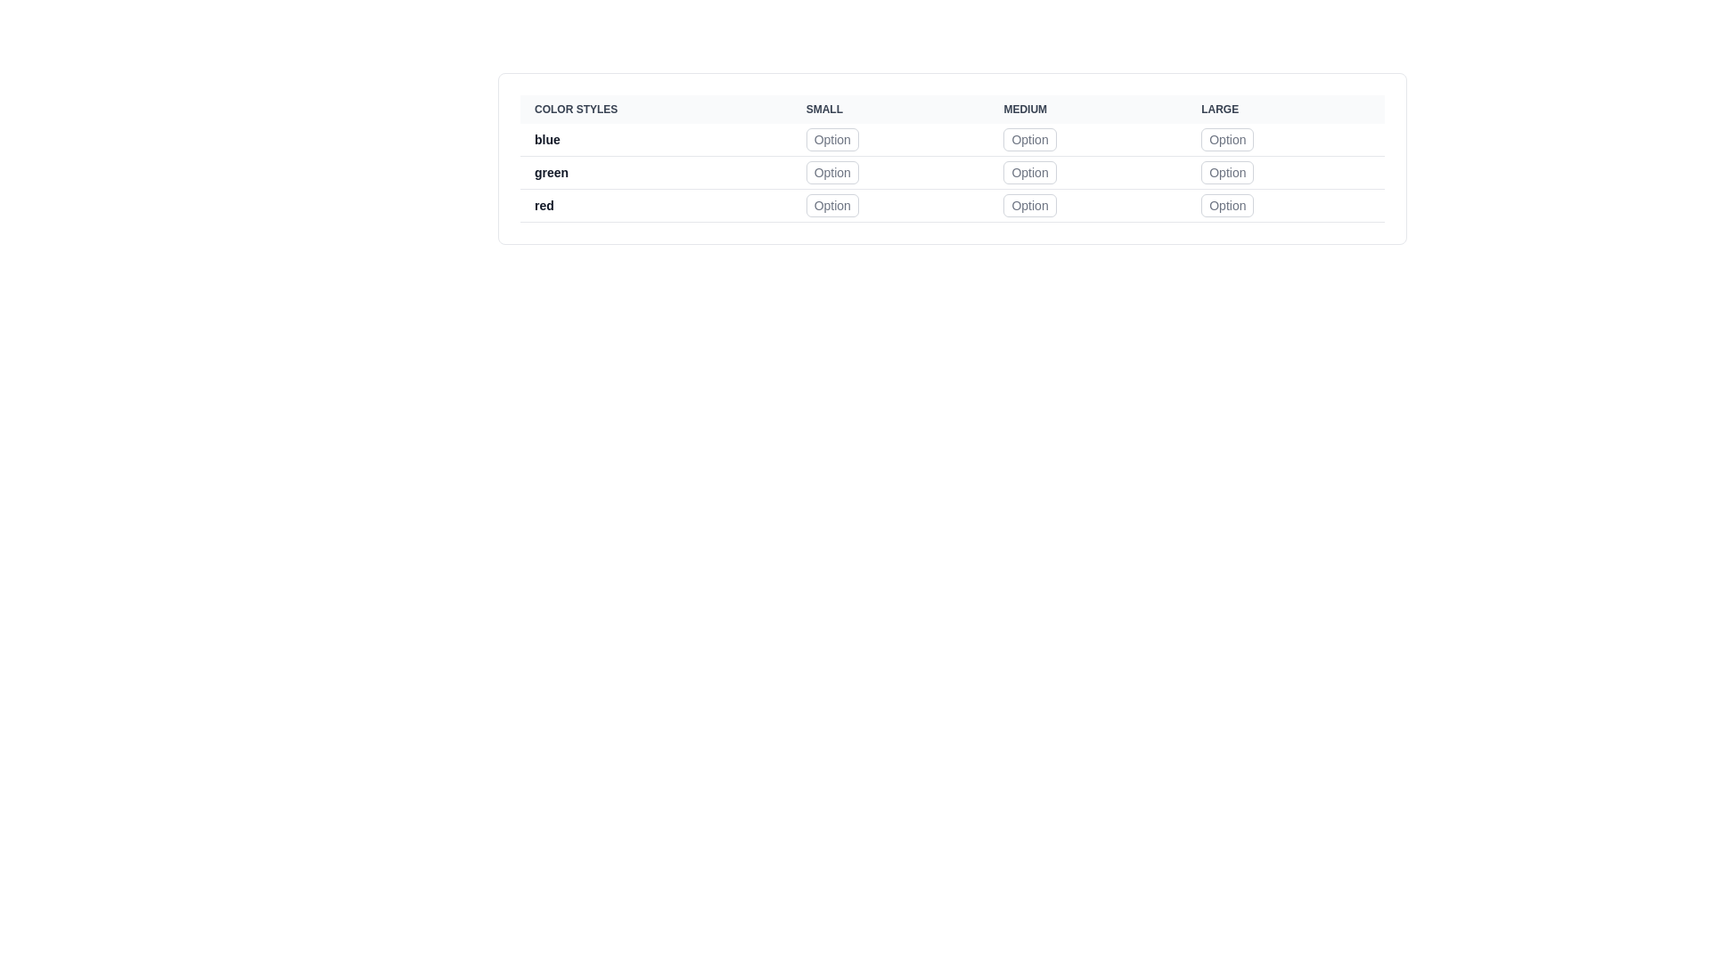 This screenshot has width=1711, height=962. Describe the element at coordinates (655, 172) in the screenshot. I see `the text label indicating the color option 'green', which is located in the first cell of the second row under the 'COLOR STYLES' header, positioned between 'blue' and 'red'` at that location.